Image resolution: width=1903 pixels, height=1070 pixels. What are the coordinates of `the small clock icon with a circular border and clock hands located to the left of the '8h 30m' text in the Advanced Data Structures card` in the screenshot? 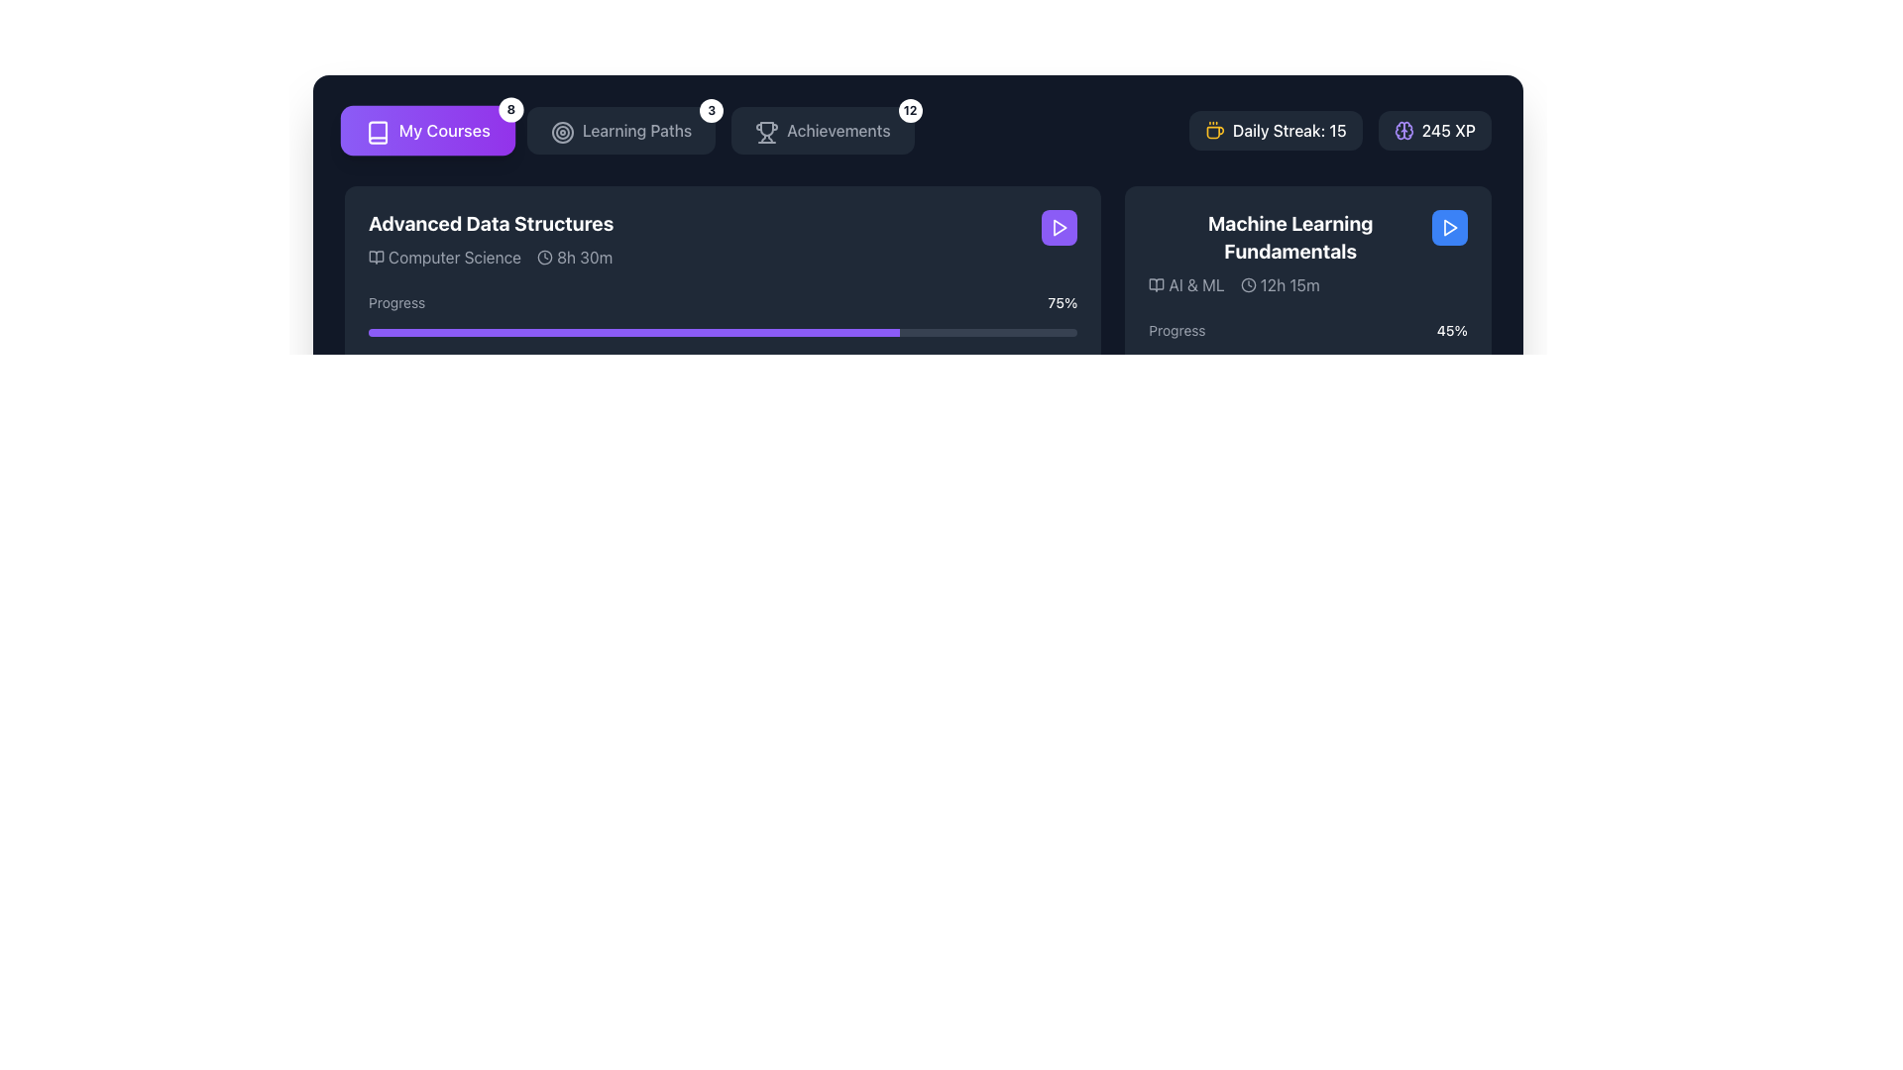 It's located at (545, 256).